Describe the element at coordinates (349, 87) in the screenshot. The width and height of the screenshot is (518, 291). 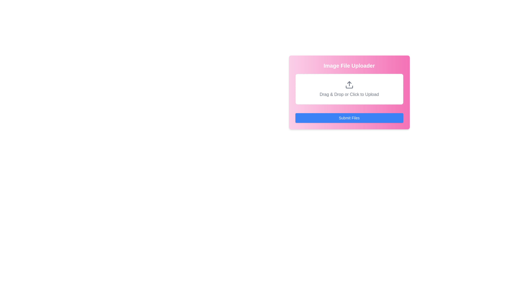
I see `the upload icon element within the SVG, which visually indicates where files should be dragged or clicked for upload, located above the label 'Drag & Drop or Click to Upload'` at that location.